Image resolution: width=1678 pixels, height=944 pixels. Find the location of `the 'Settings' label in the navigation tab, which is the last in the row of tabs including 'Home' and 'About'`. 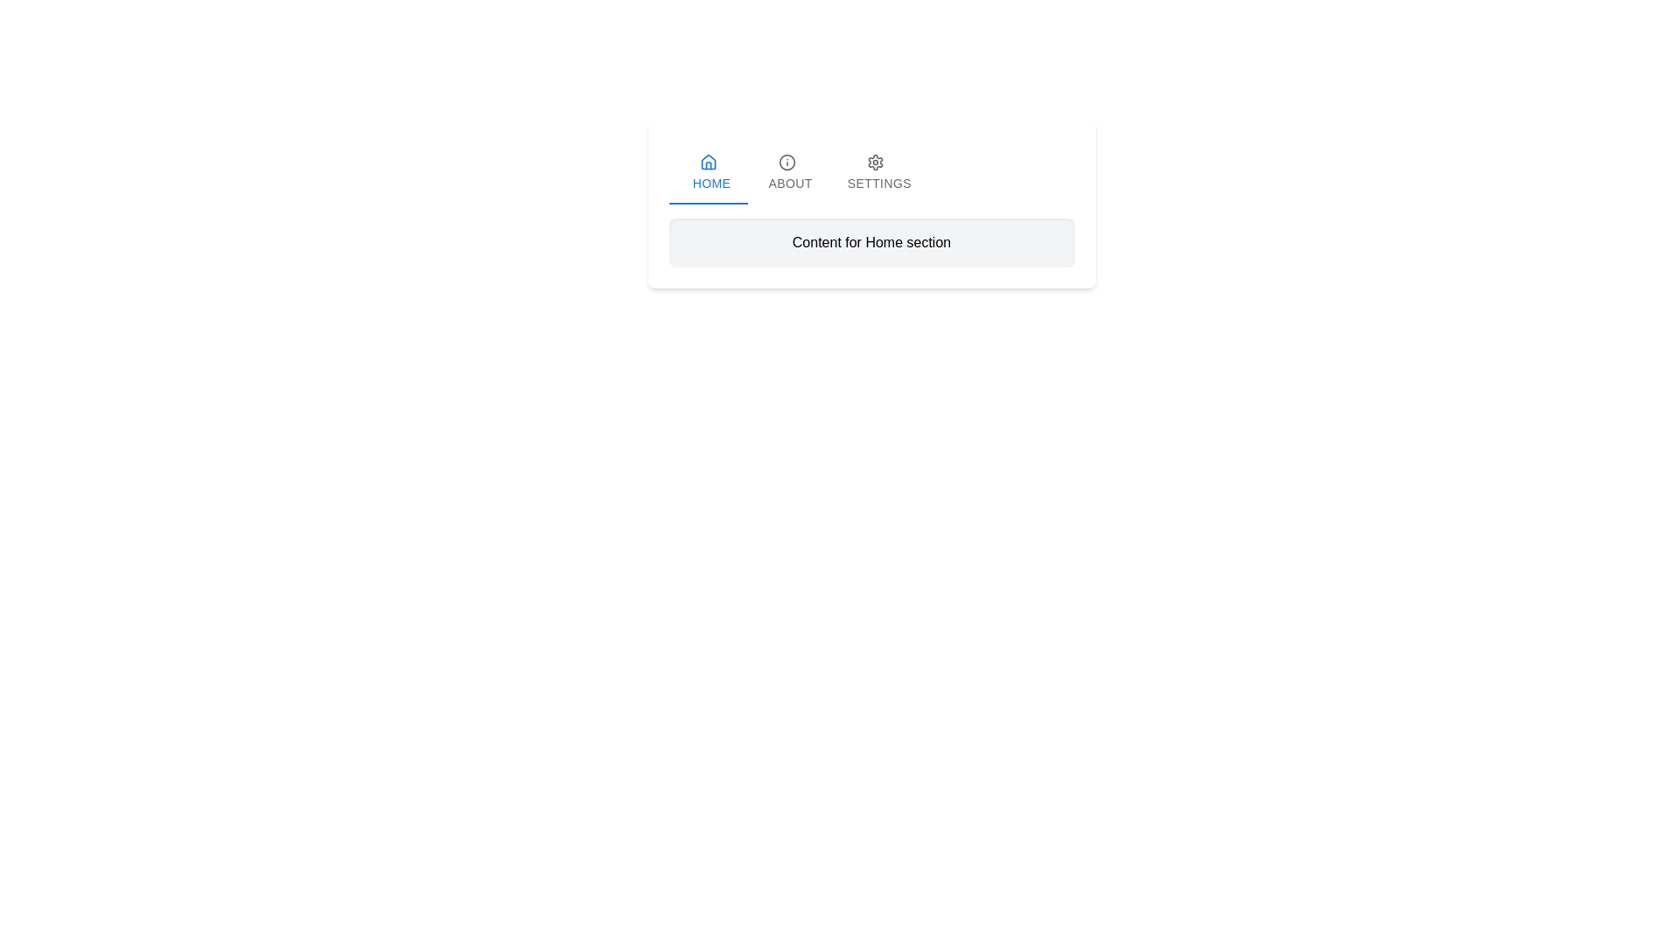

the 'Settings' label in the navigation tab, which is the last in the row of tabs including 'Home' and 'About' is located at coordinates (879, 184).